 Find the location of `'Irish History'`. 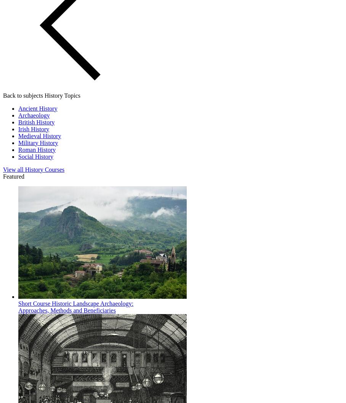

'Irish History' is located at coordinates (18, 128).